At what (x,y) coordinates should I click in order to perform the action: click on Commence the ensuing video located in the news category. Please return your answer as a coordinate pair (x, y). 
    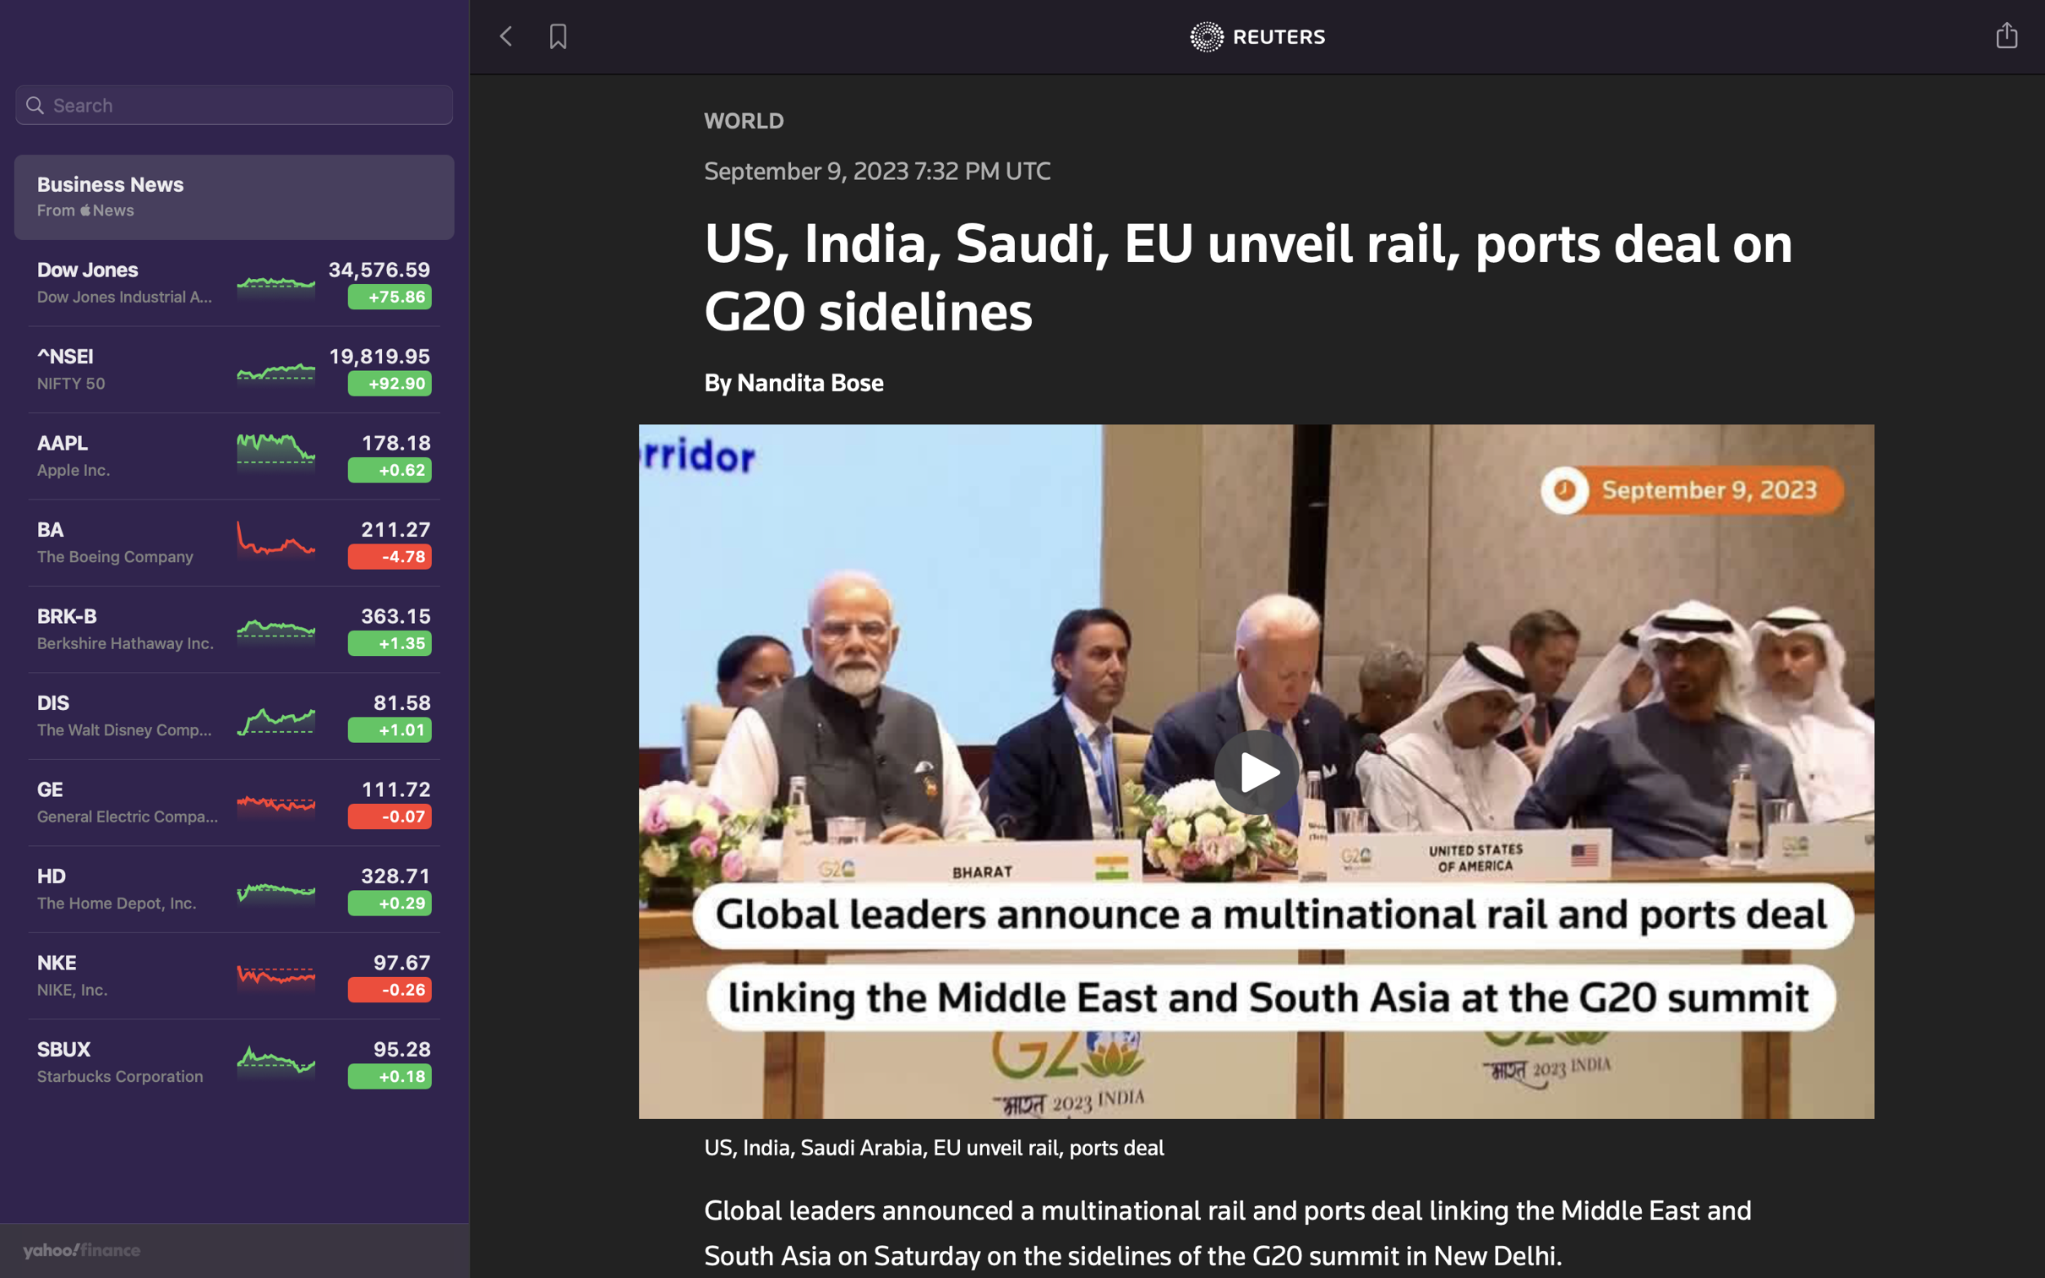
    Looking at the image, I should click on (1257, 768).